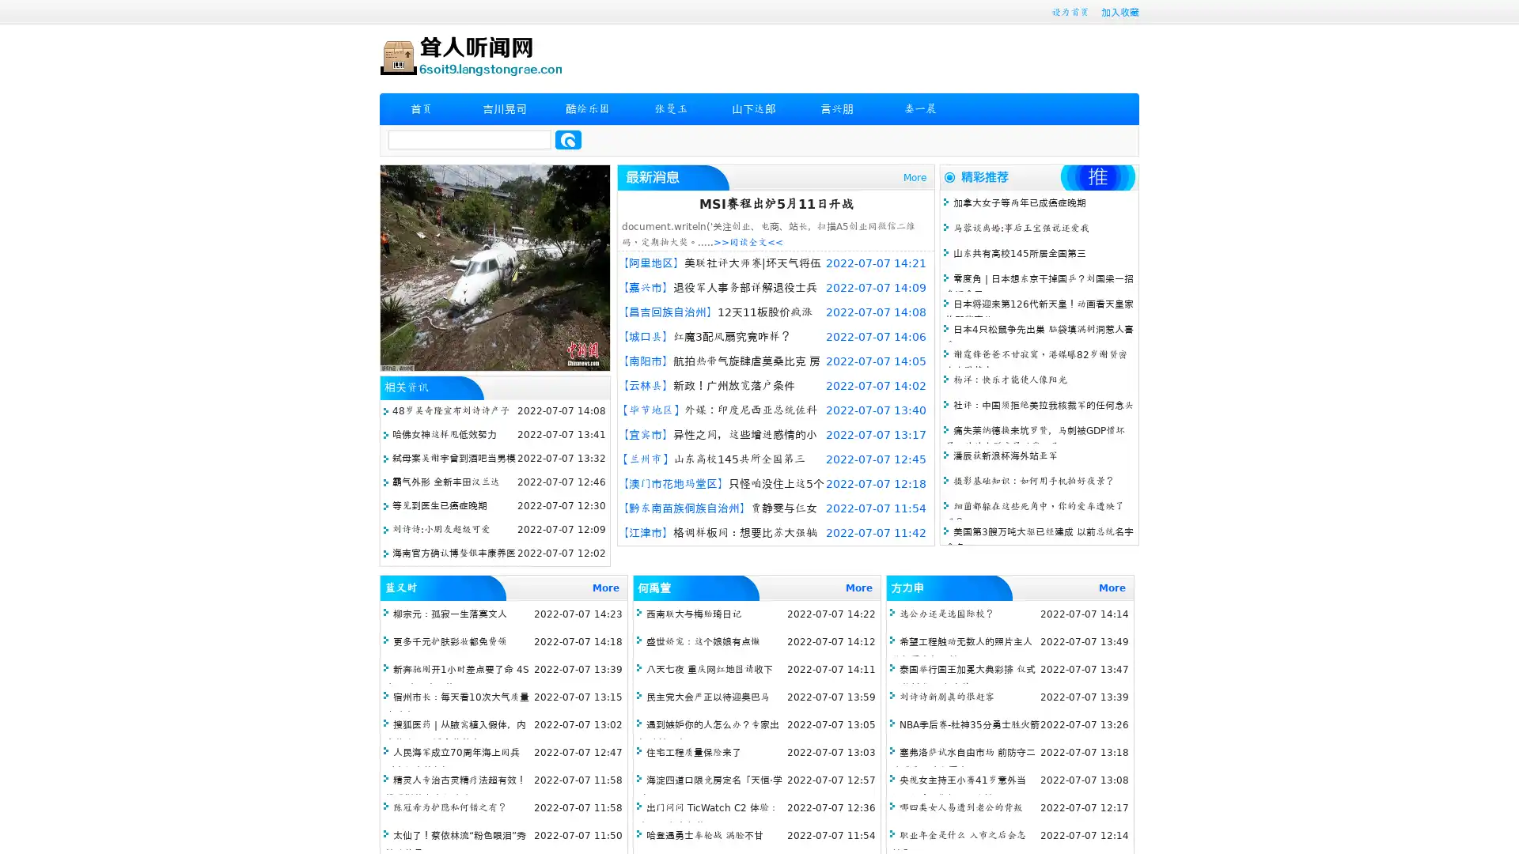 The image size is (1519, 854). Describe the element at coordinates (568, 139) in the screenshot. I see `Search` at that location.